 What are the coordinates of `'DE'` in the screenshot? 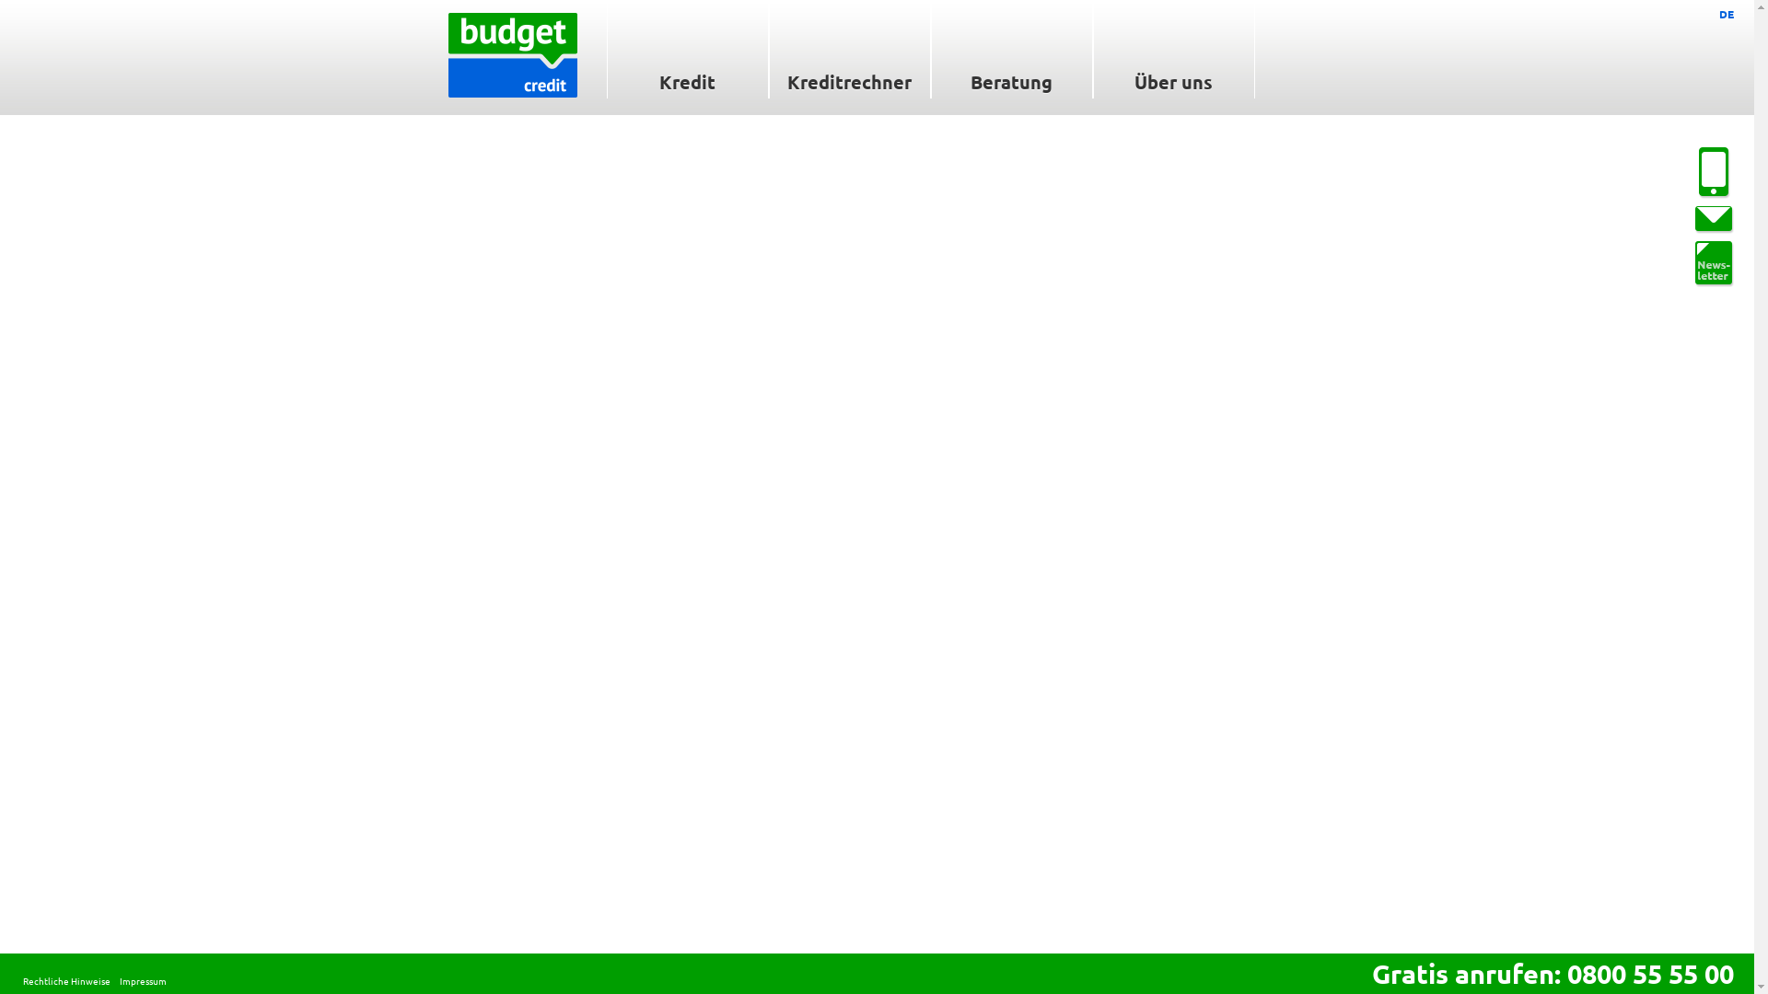 It's located at (1726, 14).